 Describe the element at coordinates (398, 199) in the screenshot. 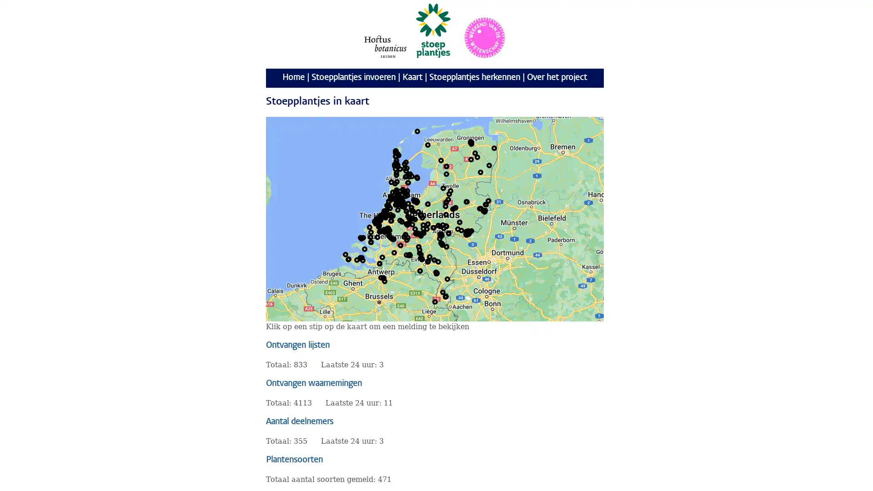

I see `Telling van op 19 oktober 2021` at that location.